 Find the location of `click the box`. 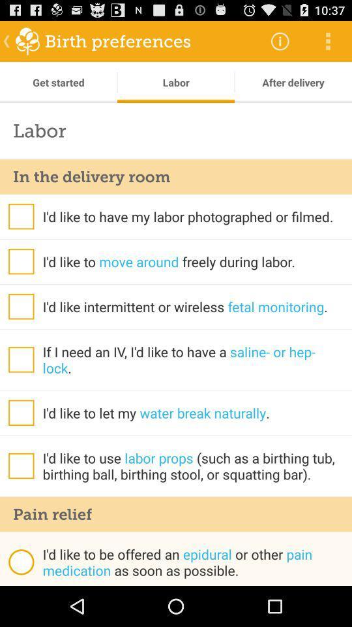

click the box is located at coordinates (20, 261).